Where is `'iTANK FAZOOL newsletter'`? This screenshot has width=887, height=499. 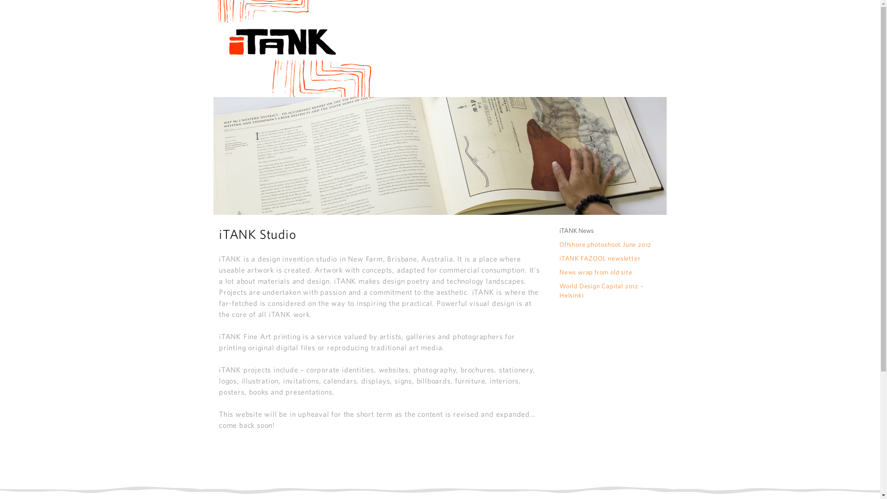 'iTANK FAZOOL newsletter' is located at coordinates (559, 258).